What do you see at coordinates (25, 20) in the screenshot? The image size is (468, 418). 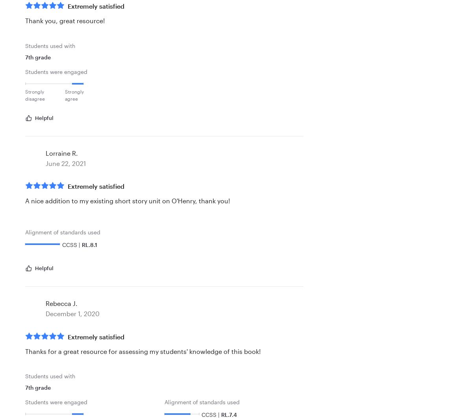 I see `'Thank you, great resource!'` at bounding box center [25, 20].